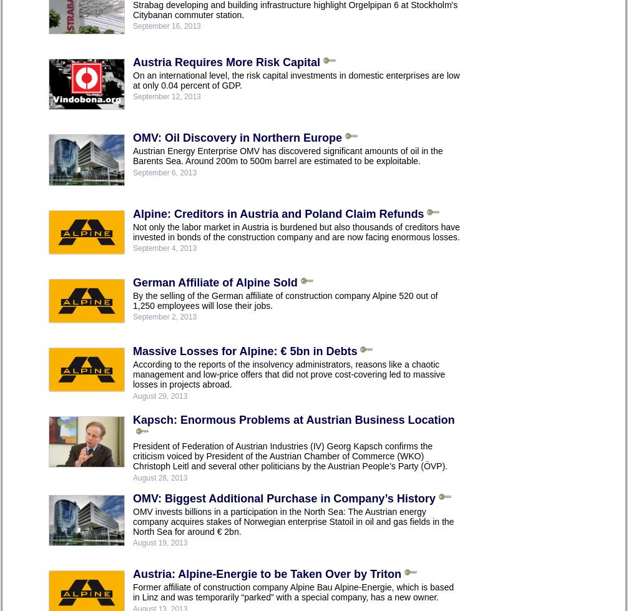 The width and height of the screenshot is (628, 611). What do you see at coordinates (214, 282) in the screenshot?
I see `'German Affiliate of Alpine Sold'` at bounding box center [214, 282].